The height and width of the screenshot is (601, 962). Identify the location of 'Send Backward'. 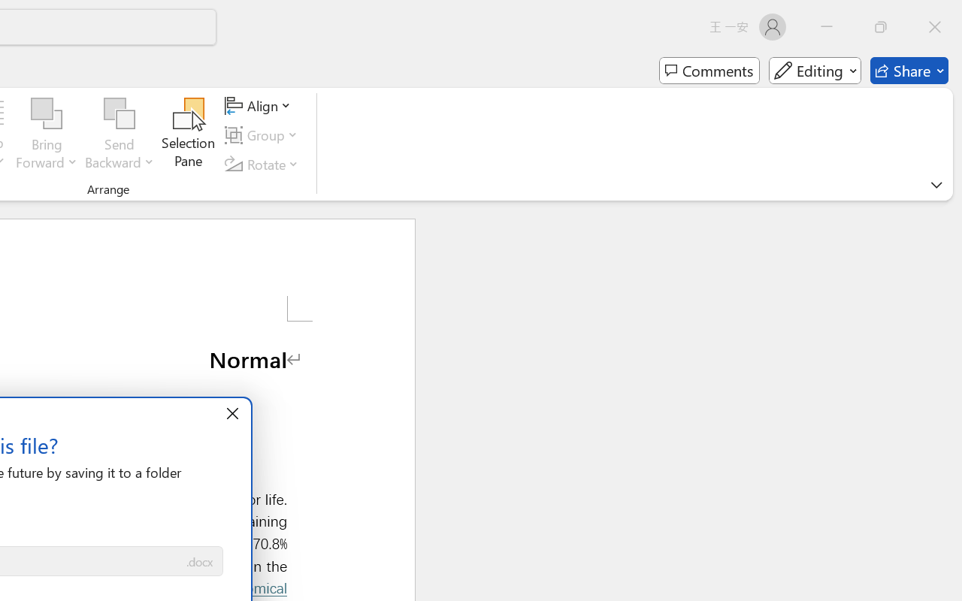
(119, 134).